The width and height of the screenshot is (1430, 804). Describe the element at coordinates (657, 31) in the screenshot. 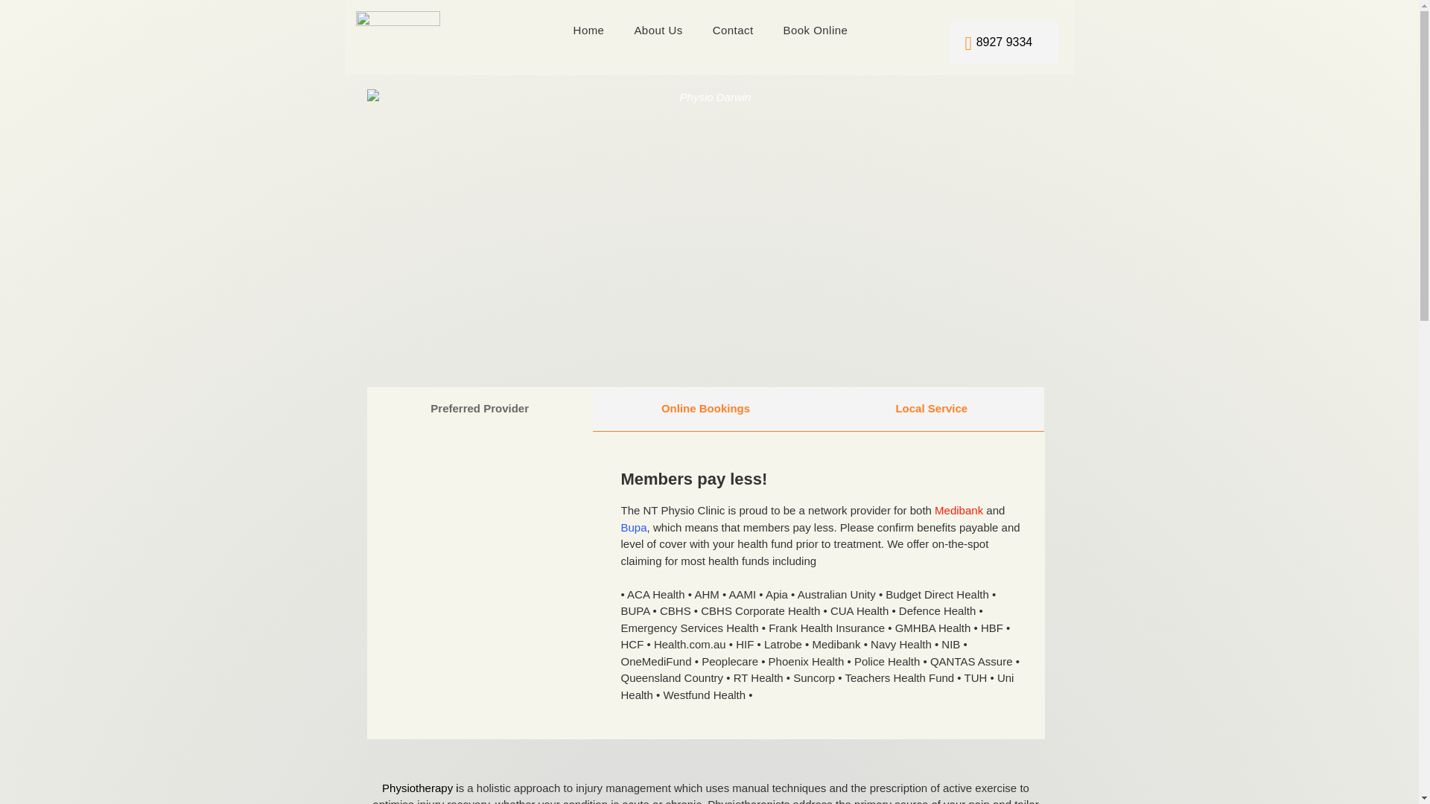

I see `'About Us'` at that location.